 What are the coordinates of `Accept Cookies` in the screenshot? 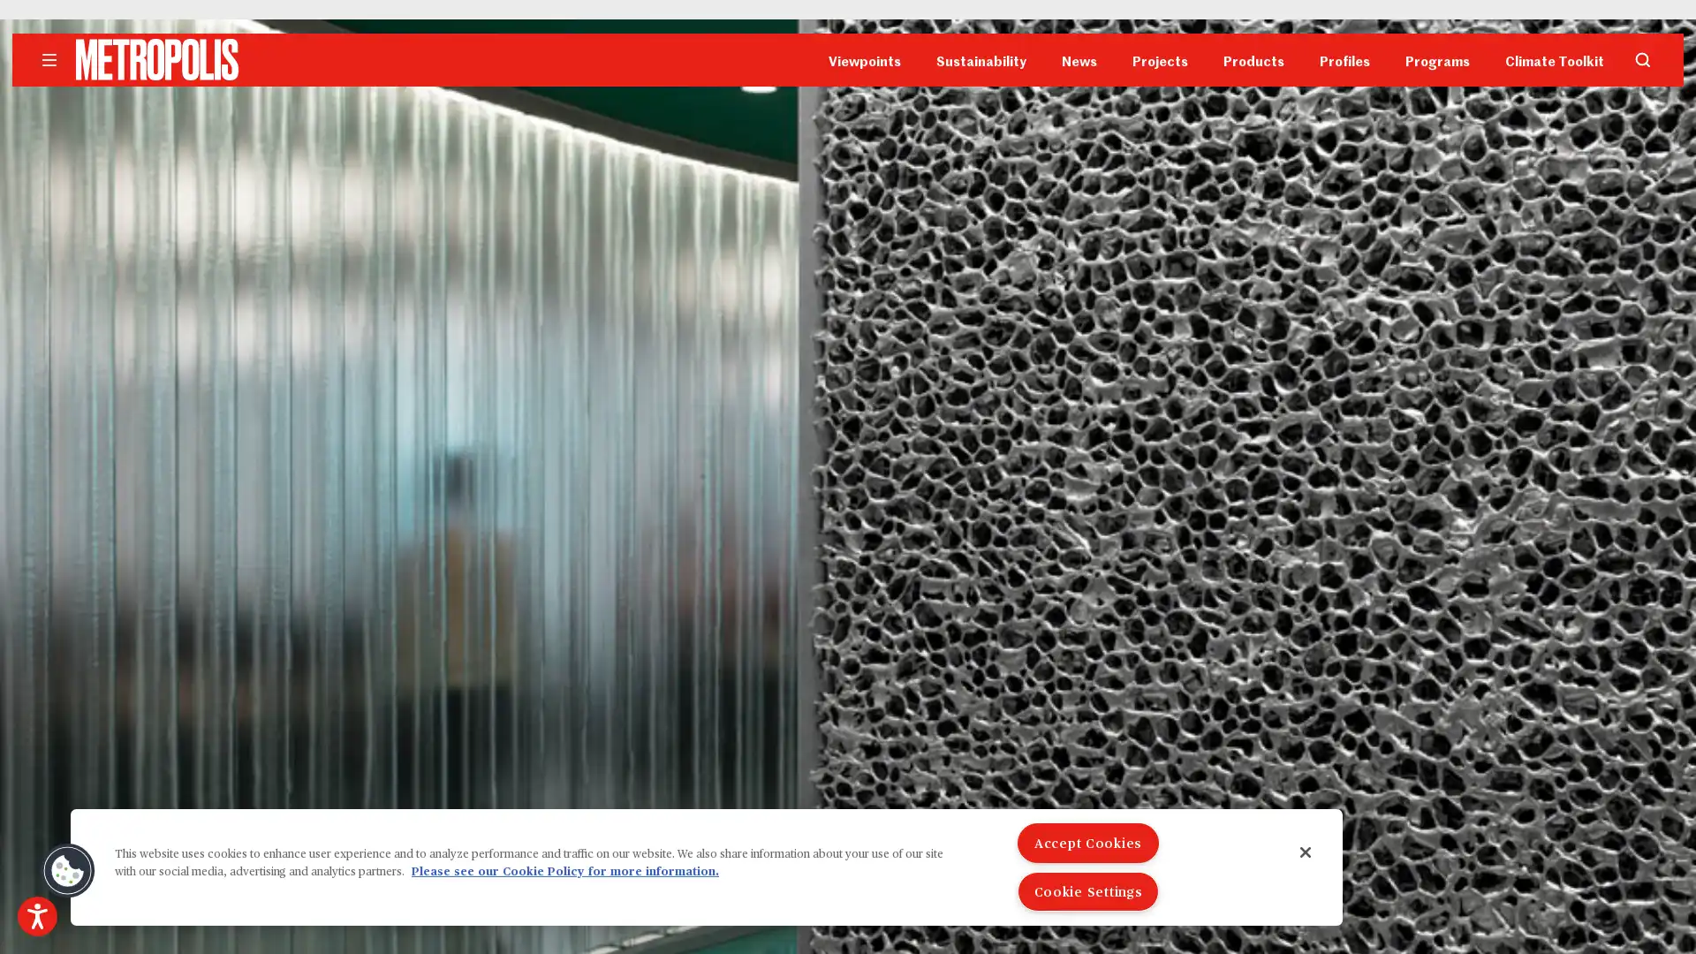 It's located at (1087, 842).